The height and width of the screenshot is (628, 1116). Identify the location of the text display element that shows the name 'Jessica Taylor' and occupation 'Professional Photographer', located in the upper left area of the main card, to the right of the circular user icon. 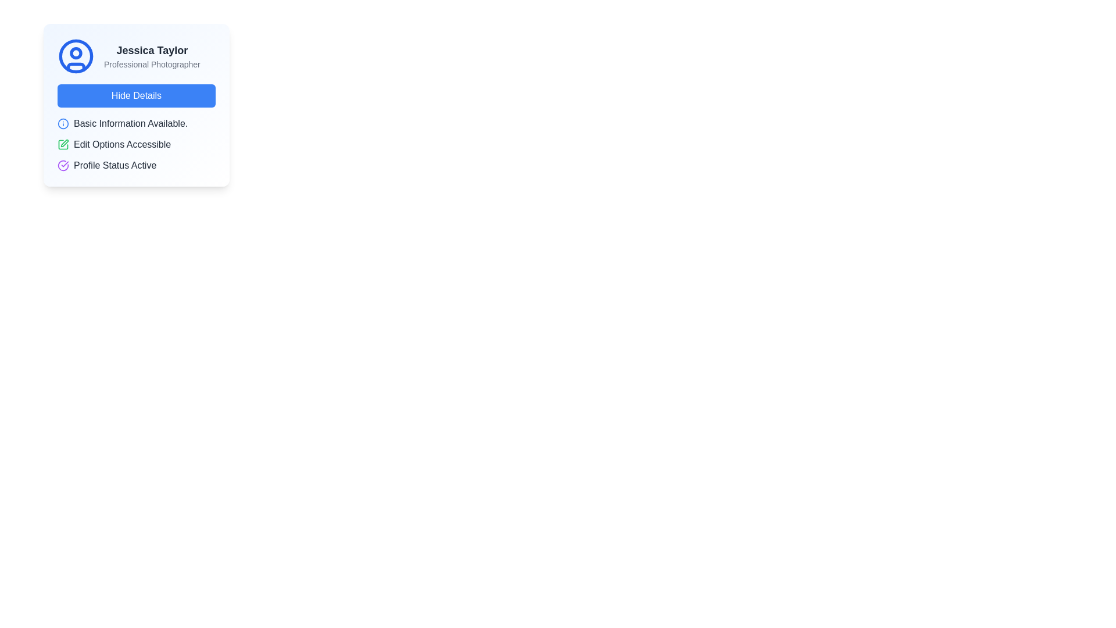
(151, 56).